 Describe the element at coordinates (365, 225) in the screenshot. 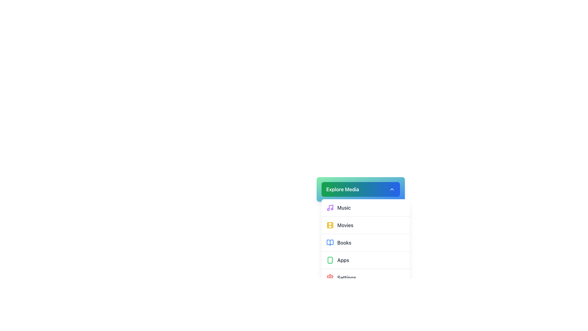

I see `the second button in the 'Explore Media' menu` at that location.